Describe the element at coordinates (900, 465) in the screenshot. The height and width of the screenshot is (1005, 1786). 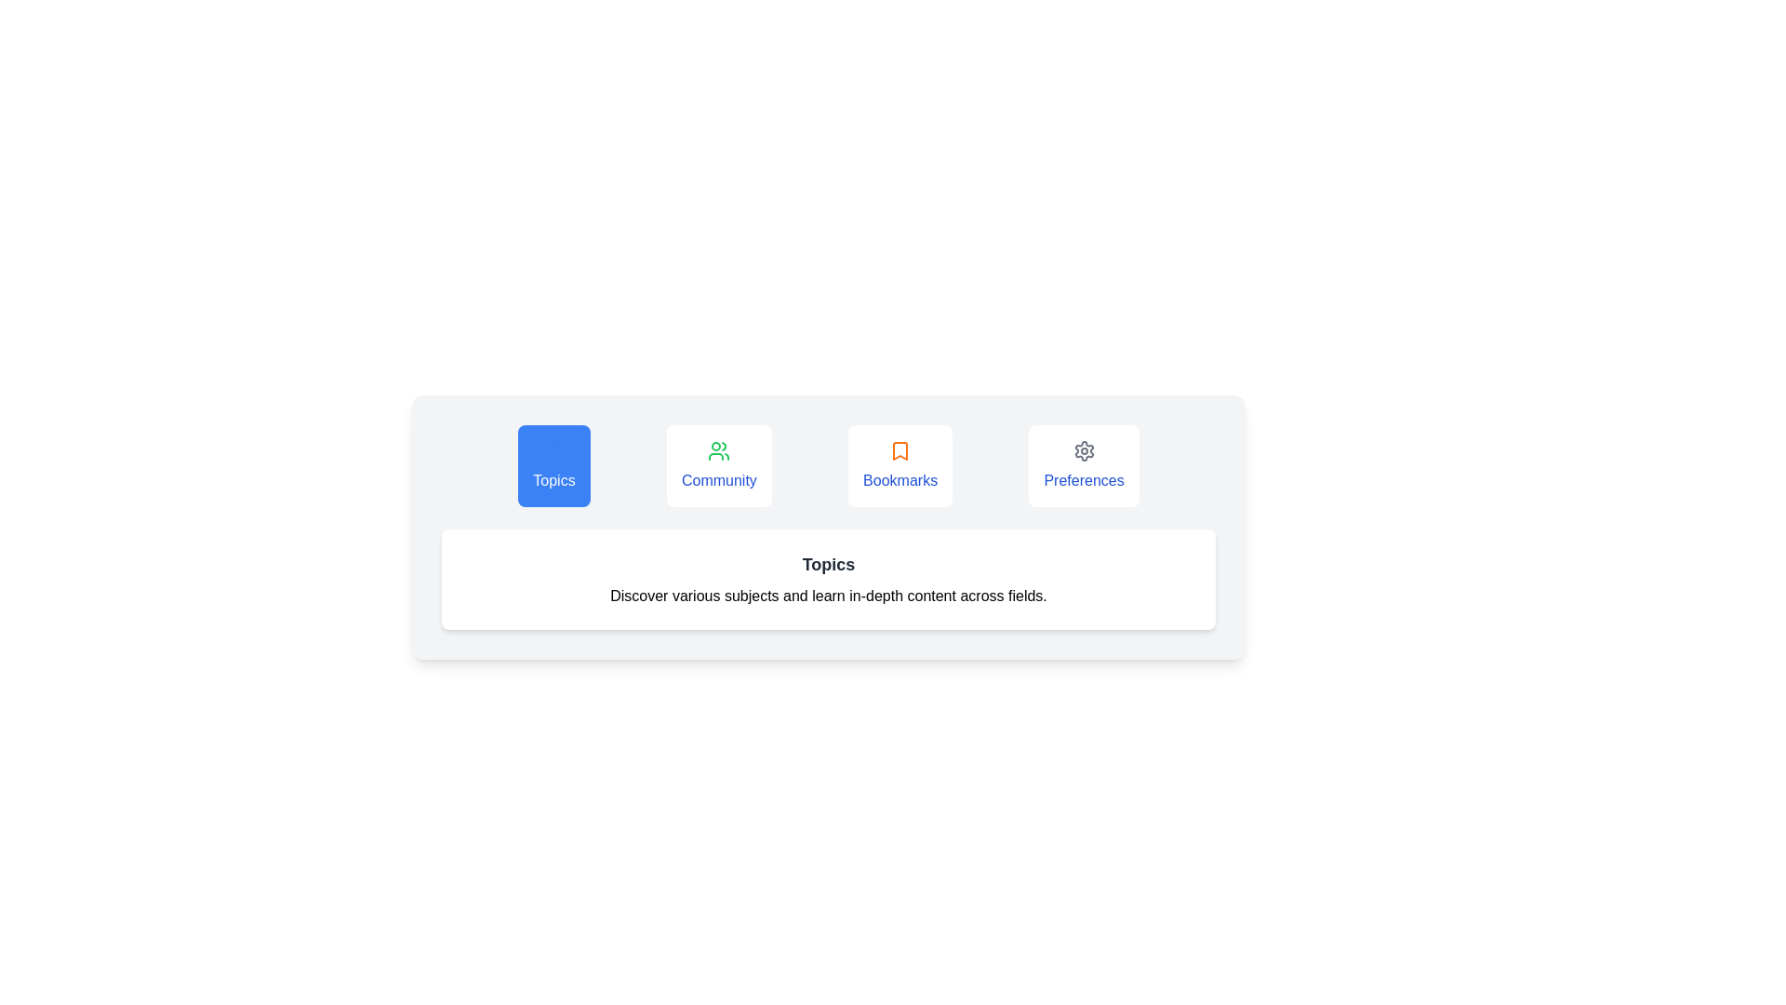
I see `the Bookmarks tab by clicking on its button` at that location.